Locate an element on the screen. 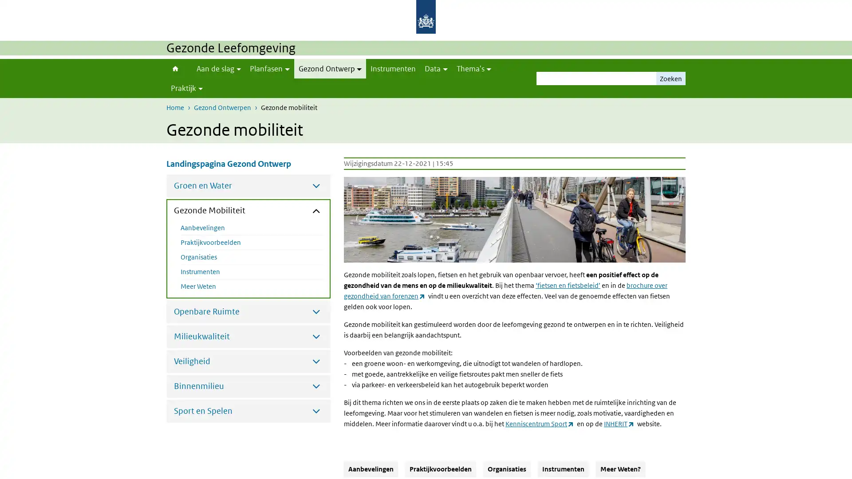 The image size is (852, 479). Submenu openen is located at coordinates (316, 410).